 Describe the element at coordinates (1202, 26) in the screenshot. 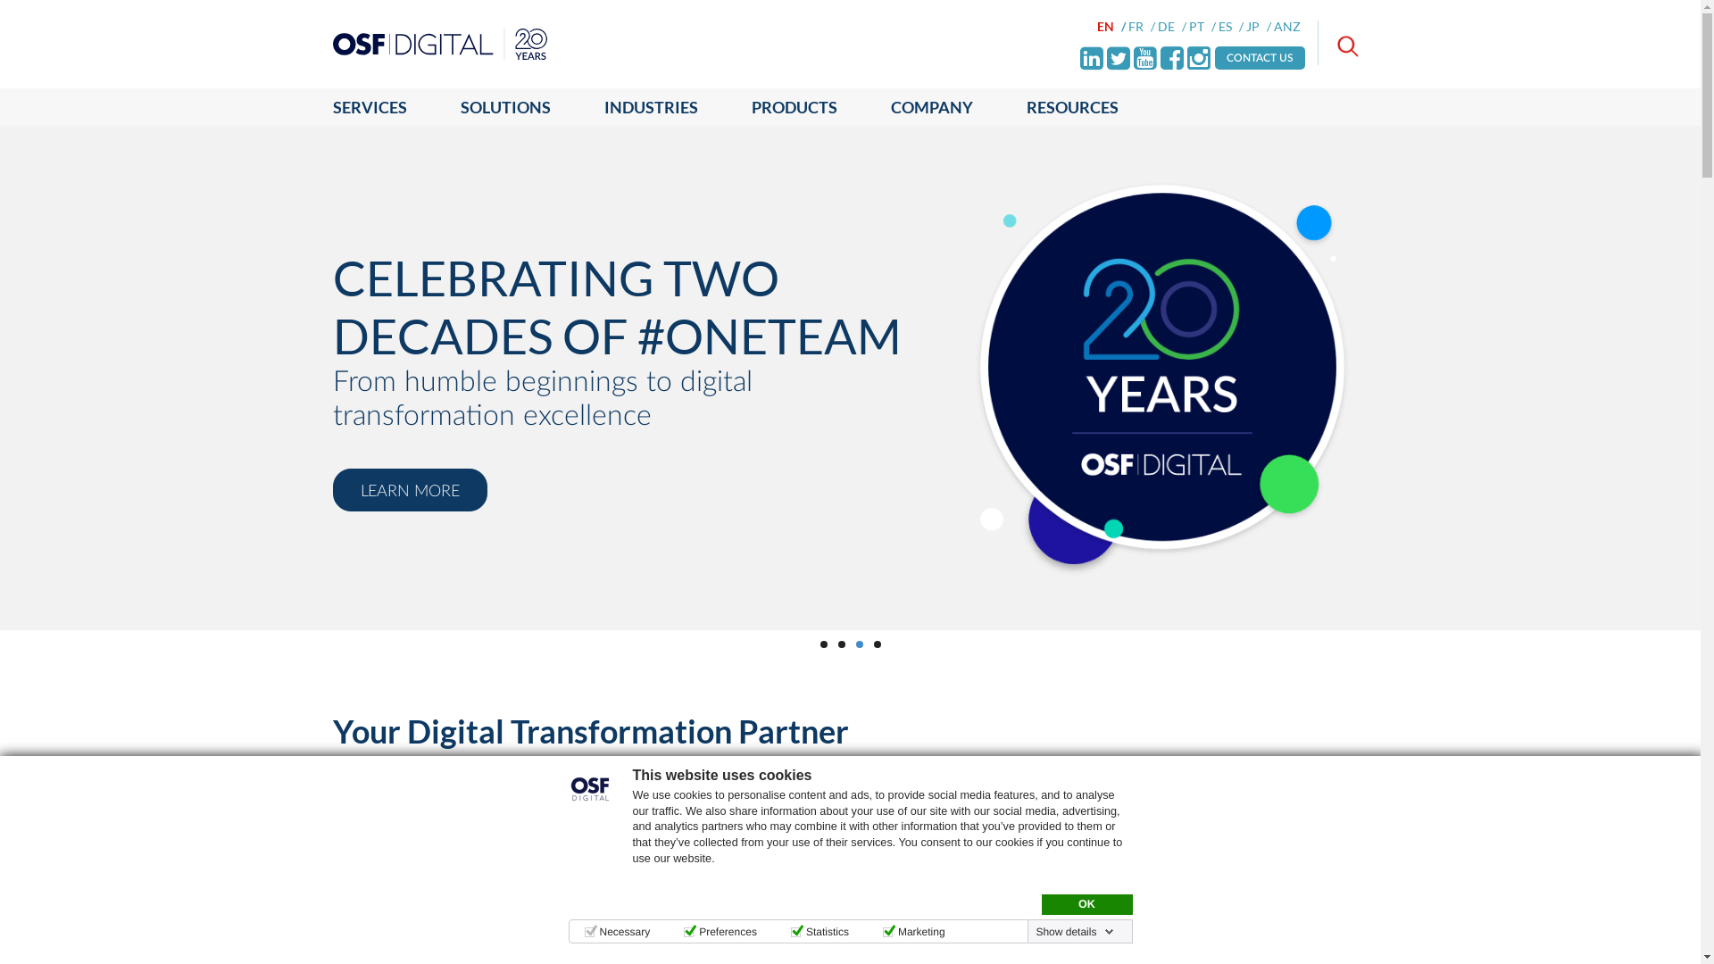

I see `'PT'` at that location.